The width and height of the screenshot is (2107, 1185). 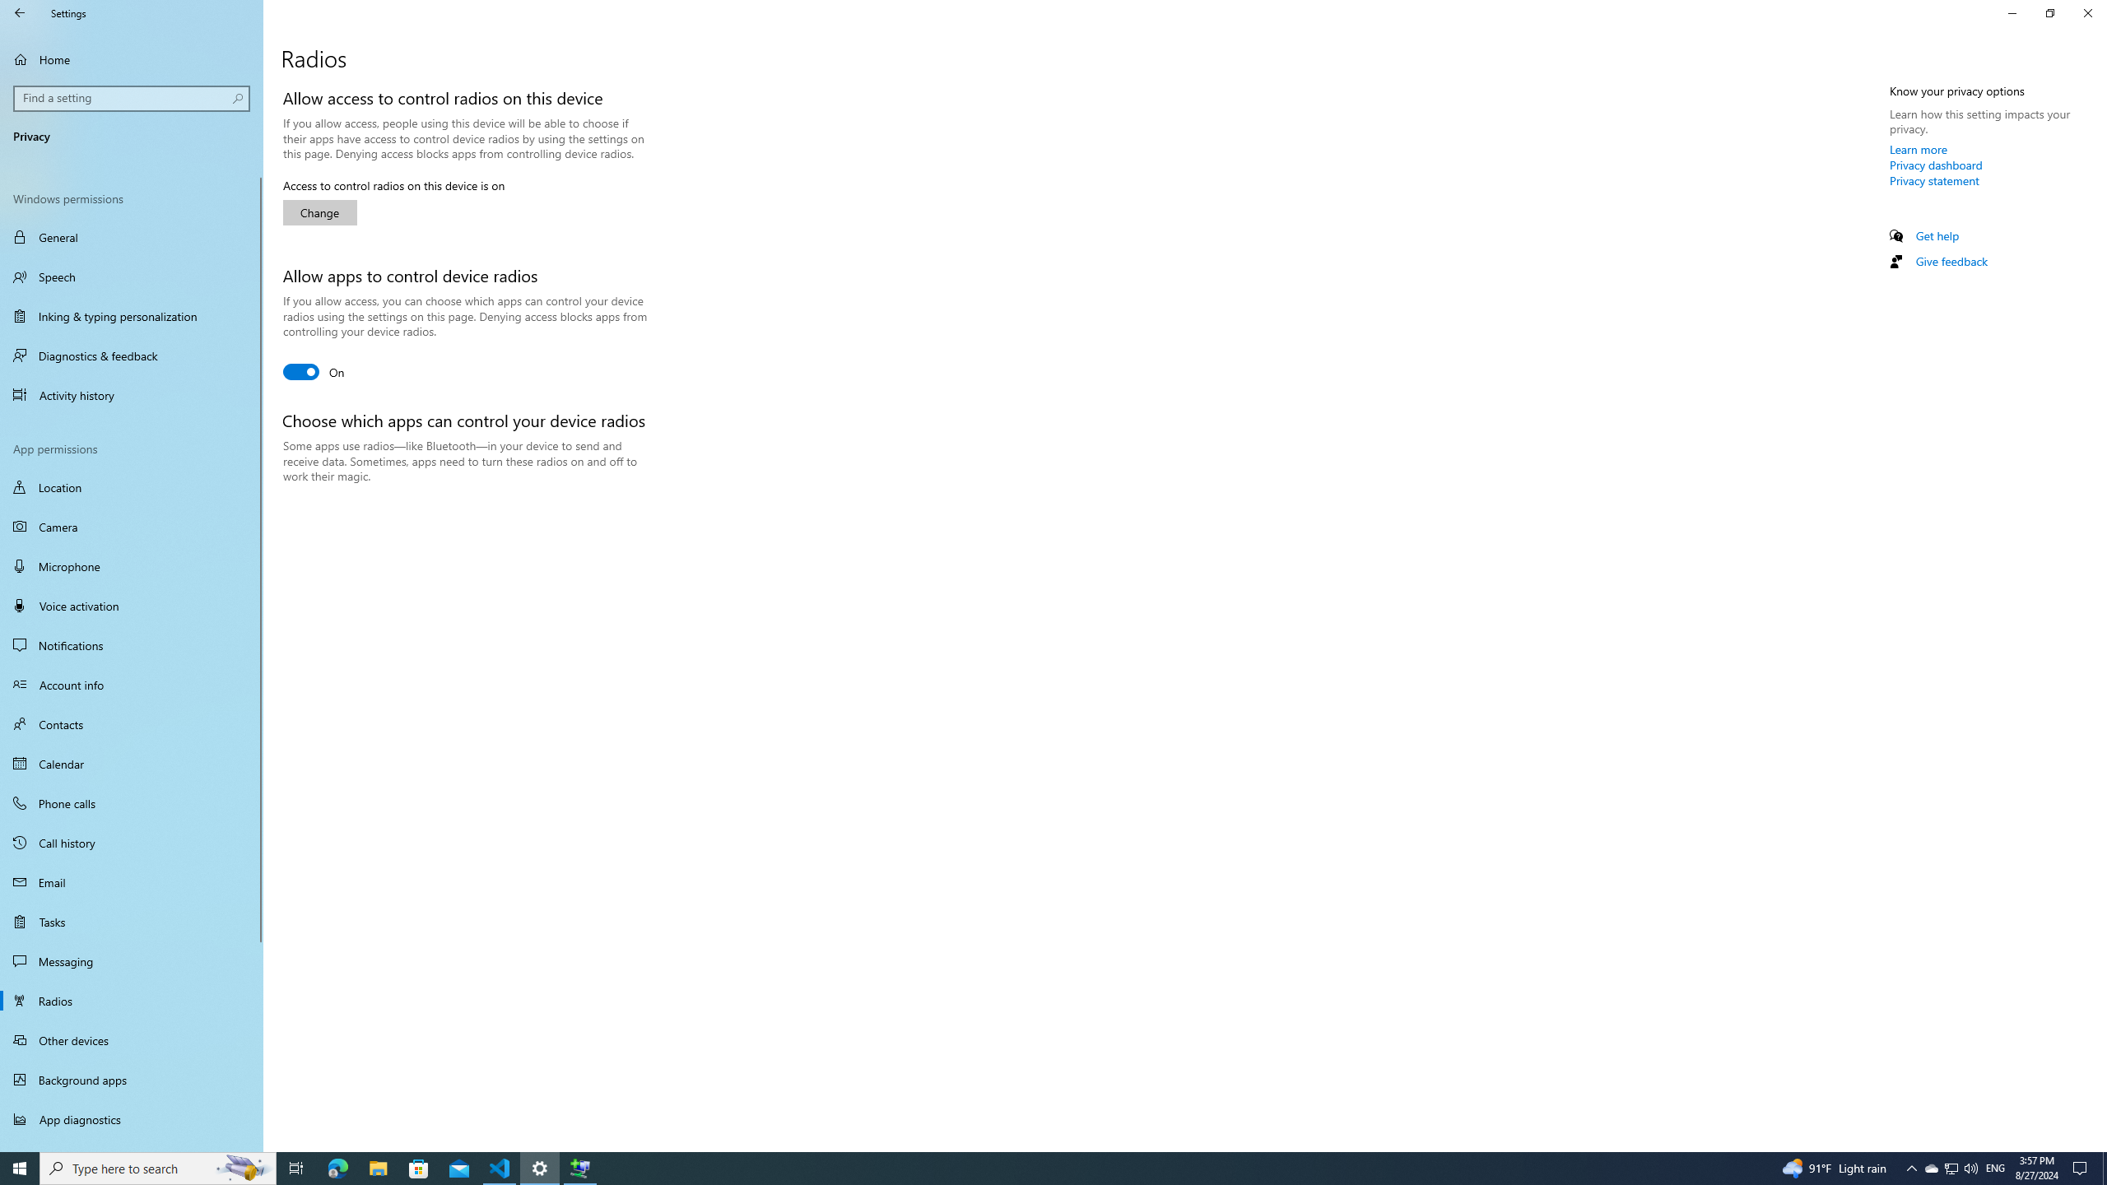 What do you see at coordinates (377, 1167) in the screenshot?
I see `'File Explorer'` at bounding box center [377, 1167].